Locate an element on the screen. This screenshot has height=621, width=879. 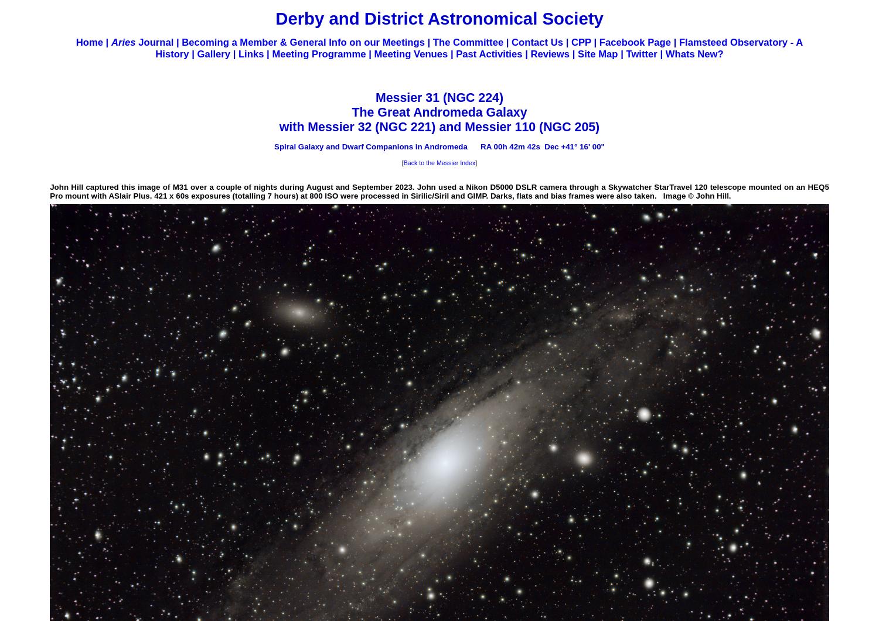
'Facebook Page' is located at coordinates (634, 42).